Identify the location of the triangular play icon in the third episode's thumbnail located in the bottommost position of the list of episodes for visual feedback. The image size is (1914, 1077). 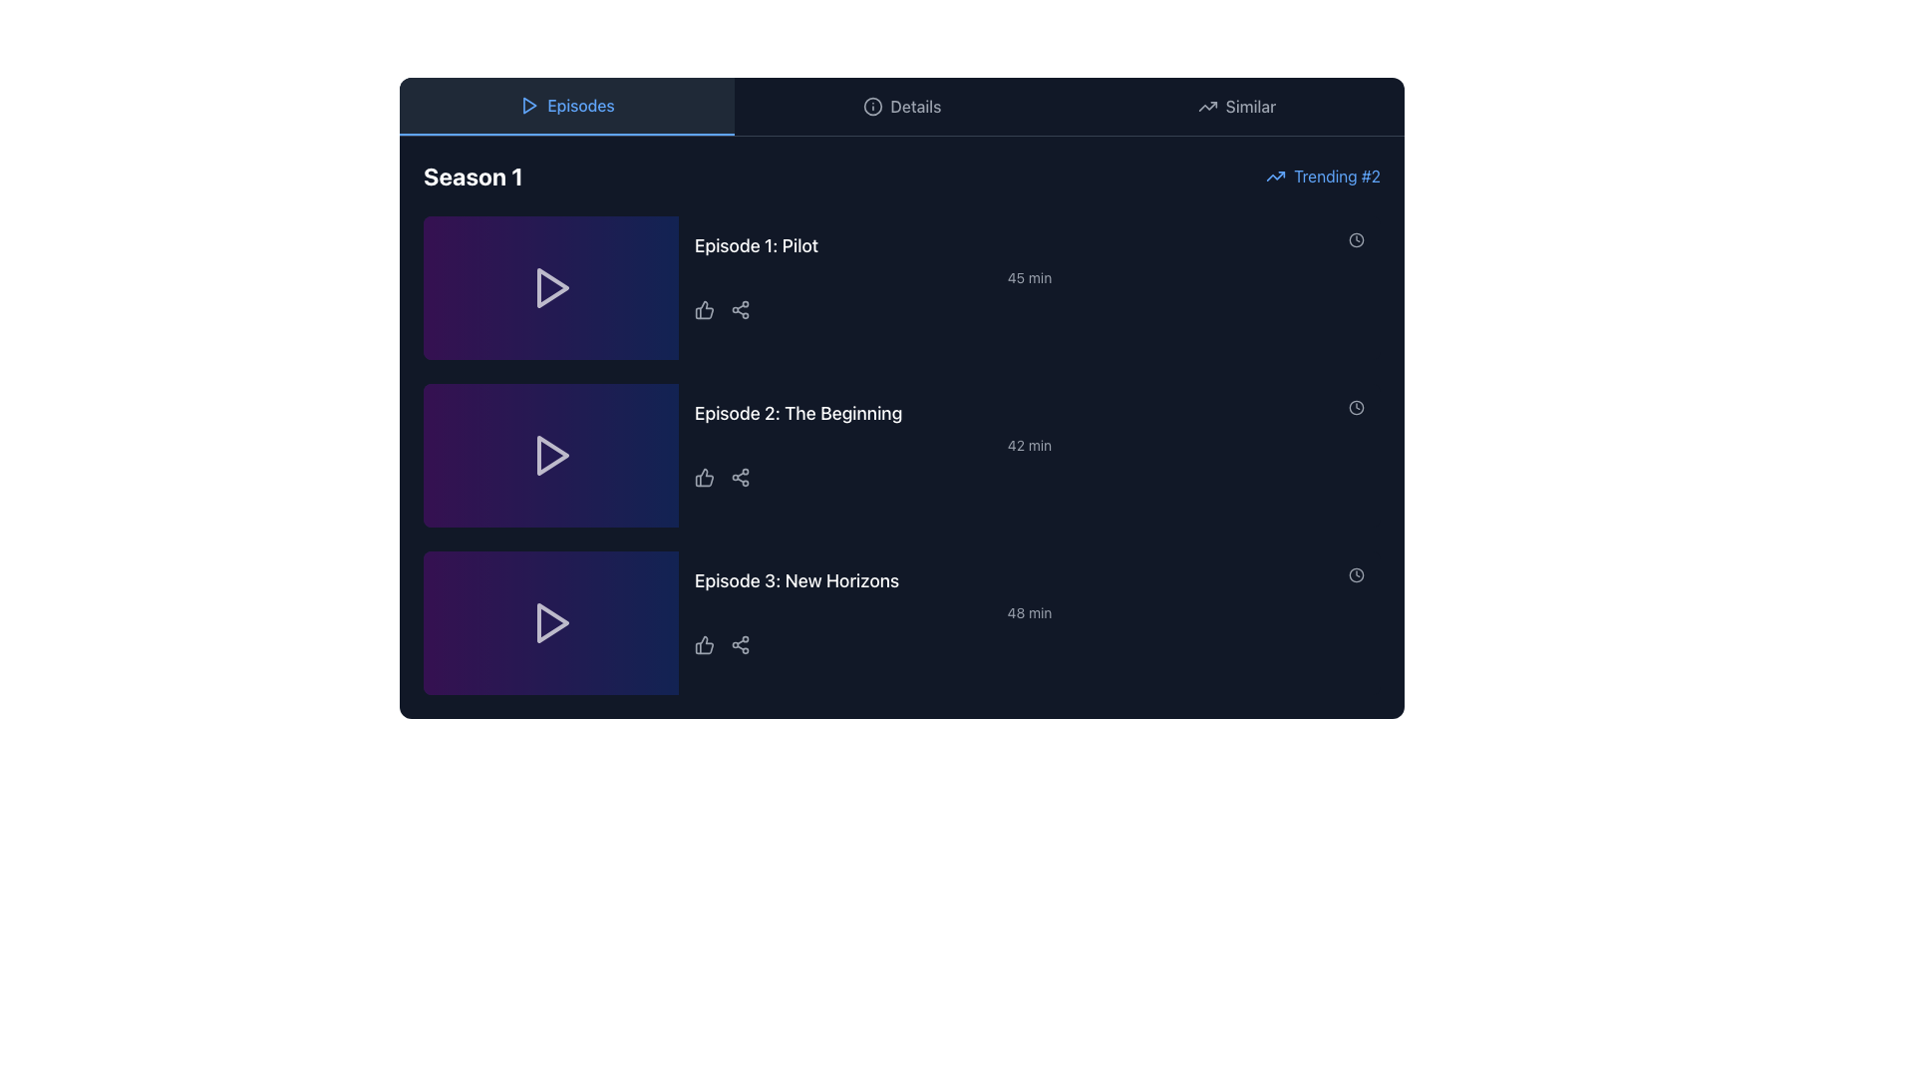
(553, 621).